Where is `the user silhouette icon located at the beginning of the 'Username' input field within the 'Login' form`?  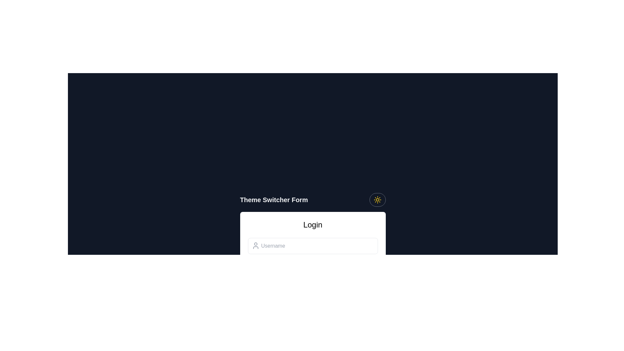
the user silhouette icon located at the beginning of the 'Username' input field within the 'Login' form is located at coordinates (255, 246).